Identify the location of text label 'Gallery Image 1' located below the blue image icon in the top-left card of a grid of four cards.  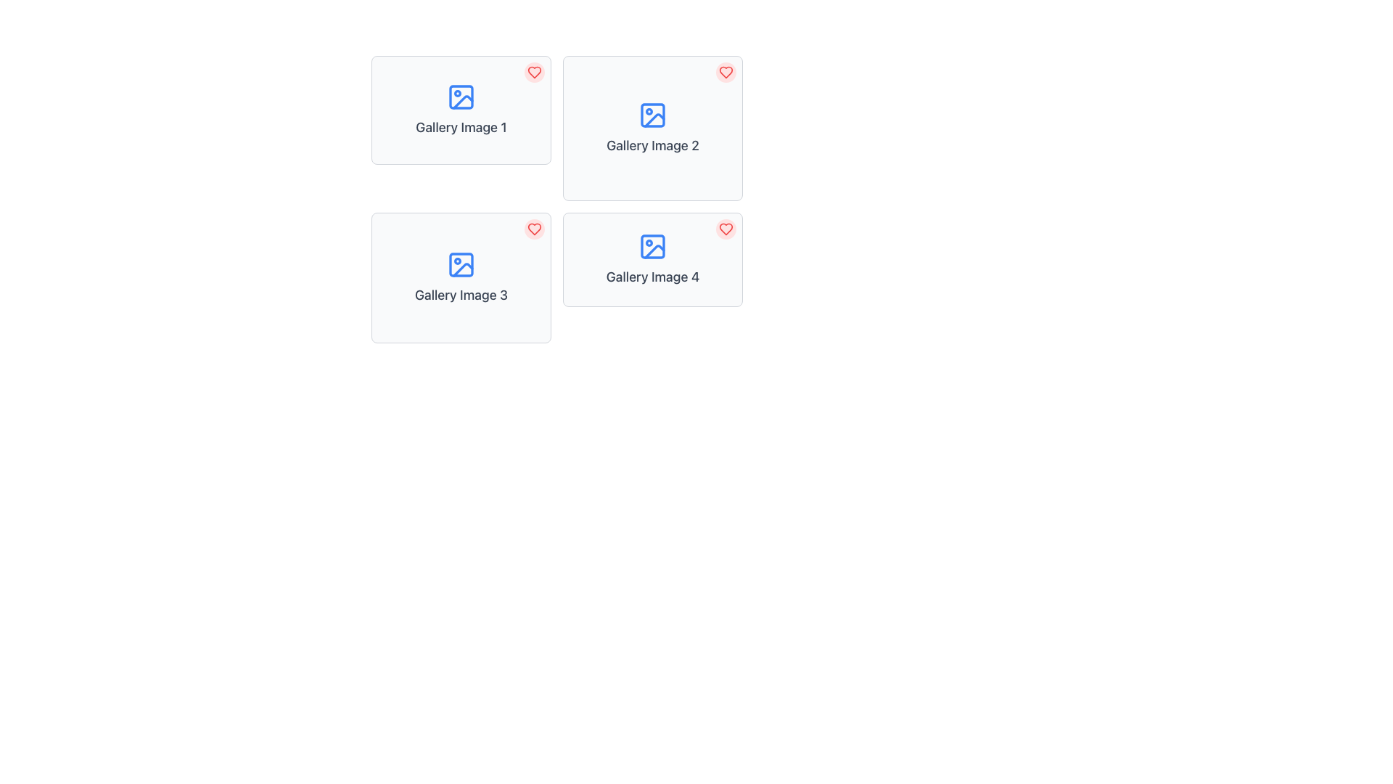
(460, 127).